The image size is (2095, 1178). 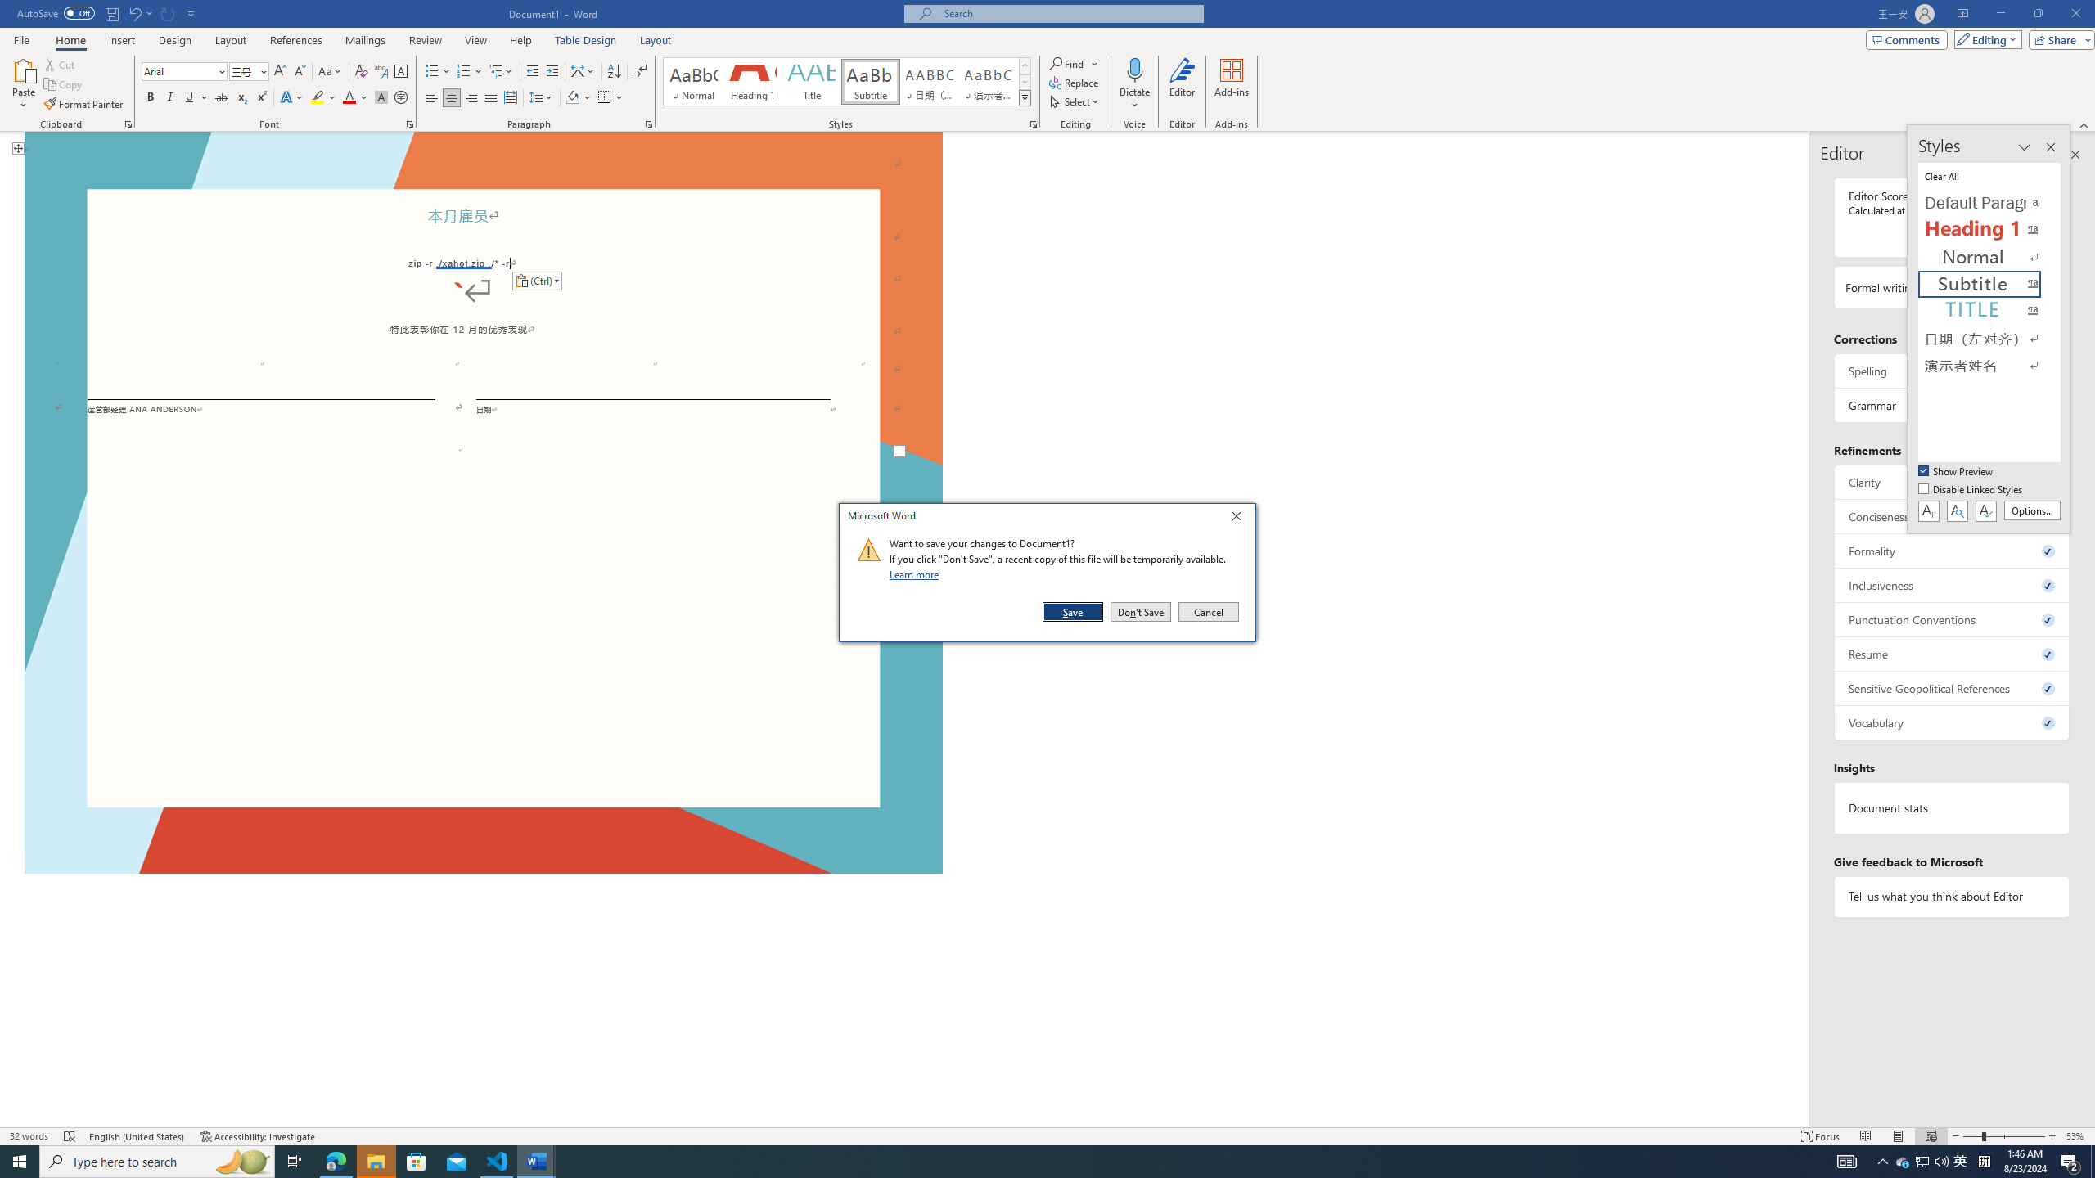 What do you see at coordinates (1985, 38) in the screenshot?
I see `'Editing'` at bounding box center [1985, 38].